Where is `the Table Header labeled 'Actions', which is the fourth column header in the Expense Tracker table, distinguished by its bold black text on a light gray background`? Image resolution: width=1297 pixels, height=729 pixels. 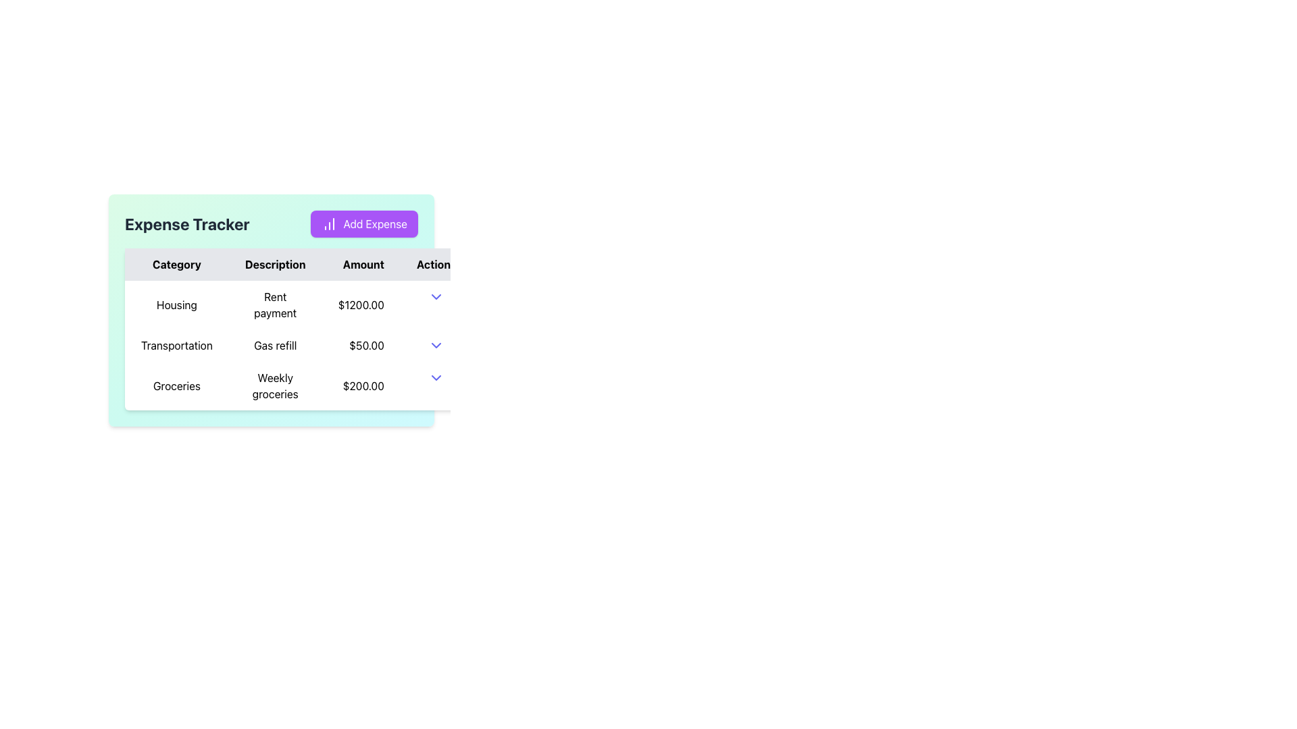 the Table Header labeled 'Actions', which is the fourth column header in the Expense Tracker table, distinguished by its bold black text on a light gray background is located at coordinates (436, 265).